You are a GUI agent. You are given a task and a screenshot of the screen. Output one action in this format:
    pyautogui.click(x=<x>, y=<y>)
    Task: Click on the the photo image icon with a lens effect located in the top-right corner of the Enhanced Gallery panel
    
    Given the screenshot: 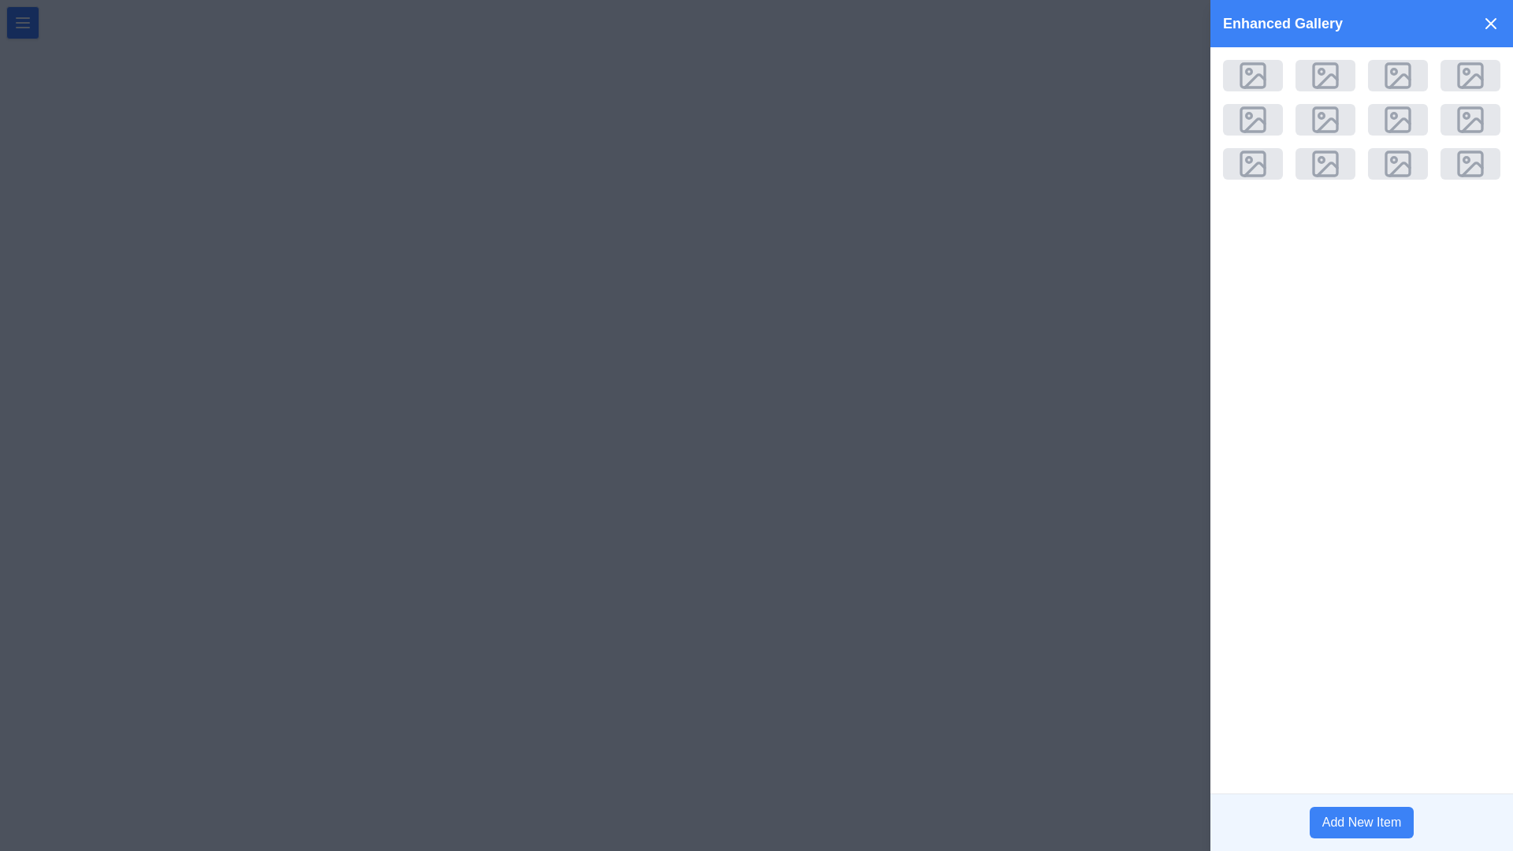 What is the action you would take?
    pyautogui.click(x=1470, y=76)
    